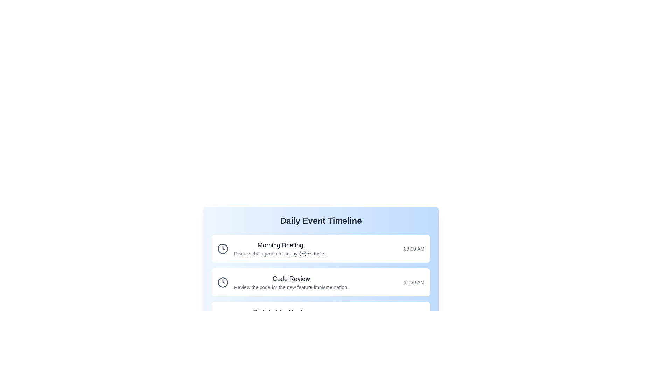 The height and width of the screenshot is (378, 672). What do you see at coordinates (320, 282) in the screenshot?
I see `the event titled 'Code Review' to see the hover effect` at bounding box center [320, 282].